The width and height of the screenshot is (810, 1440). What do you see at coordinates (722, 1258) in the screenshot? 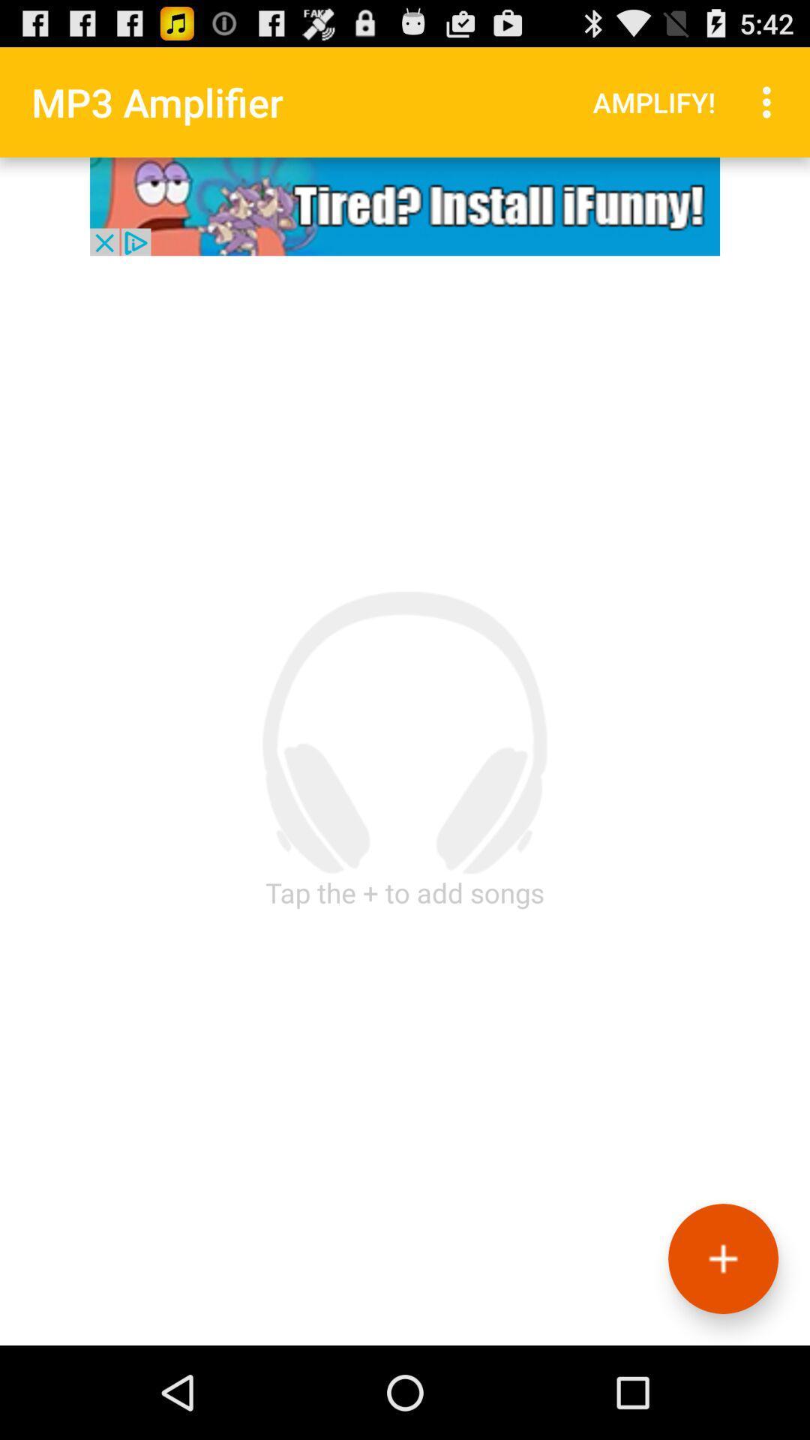
I see `song` at bounding box center [722, 1258].